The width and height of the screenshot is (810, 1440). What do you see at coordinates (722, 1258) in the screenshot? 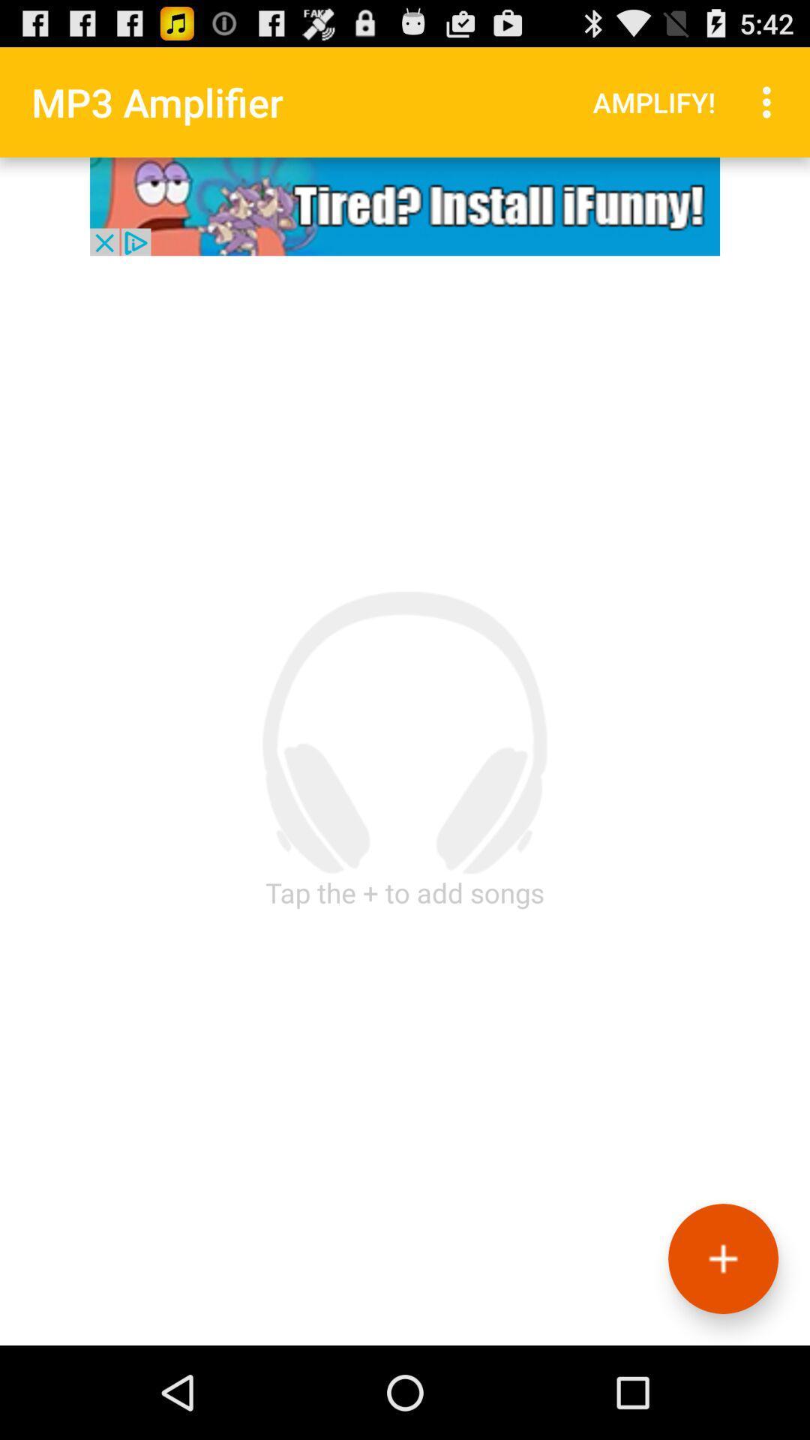
I see `song` at bounding box center [722, 1258].